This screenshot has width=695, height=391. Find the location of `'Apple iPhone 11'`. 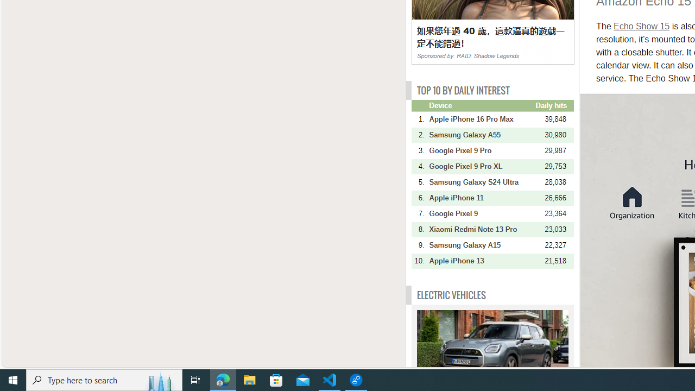

'Apple iPhone 11' is located at coordinates (481, 198).